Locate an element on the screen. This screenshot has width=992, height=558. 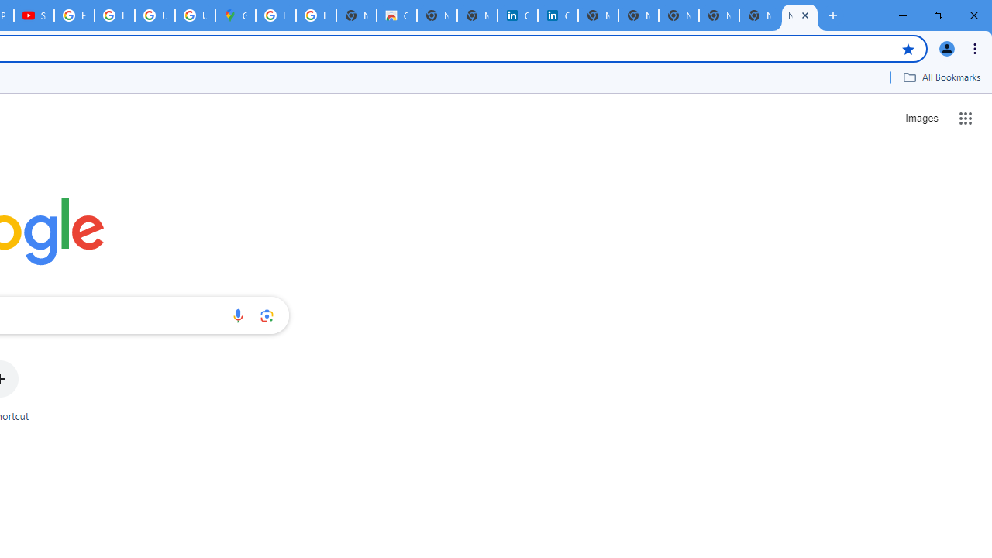
'Google Maps' is located at coordinates (235, 15).